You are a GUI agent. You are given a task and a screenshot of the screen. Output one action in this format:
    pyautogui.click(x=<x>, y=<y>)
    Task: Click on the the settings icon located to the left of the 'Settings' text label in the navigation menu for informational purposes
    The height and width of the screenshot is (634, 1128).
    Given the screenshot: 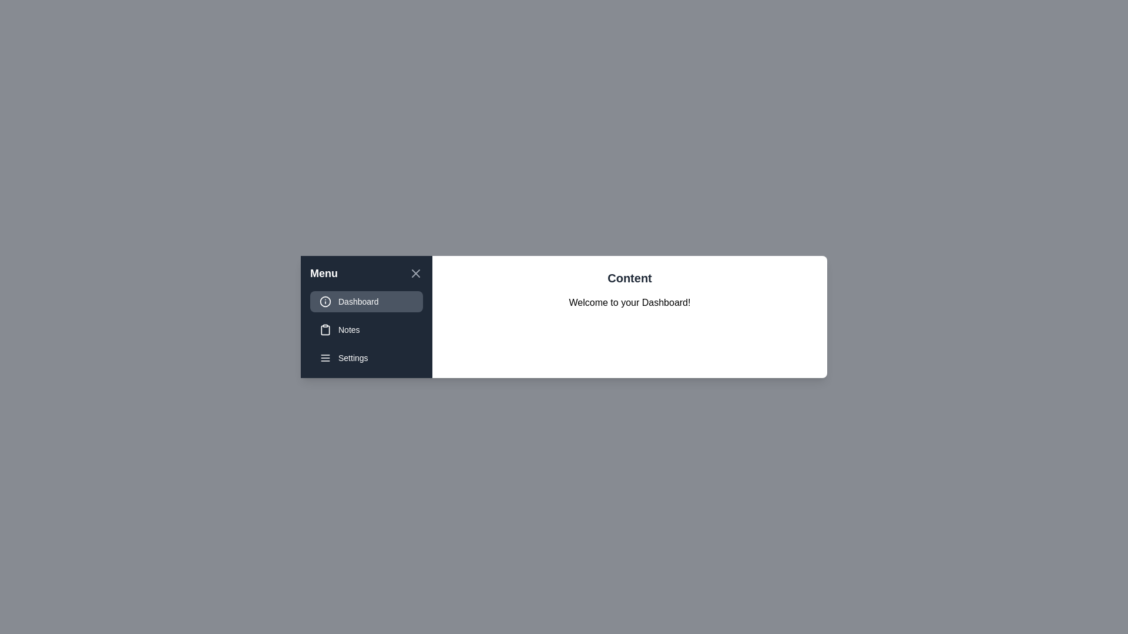 What is the action you would take?
    pyautogui.click(x=325, y=357)
    